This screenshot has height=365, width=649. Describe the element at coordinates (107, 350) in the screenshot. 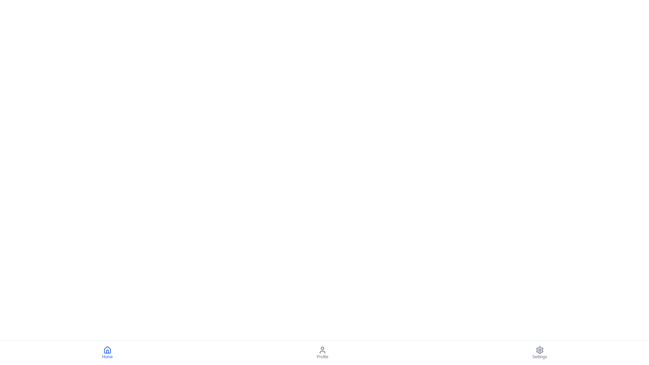

I see `the 'Home' icon, which is a house icon located in the bottom-left section of the navigation bar` at that location.